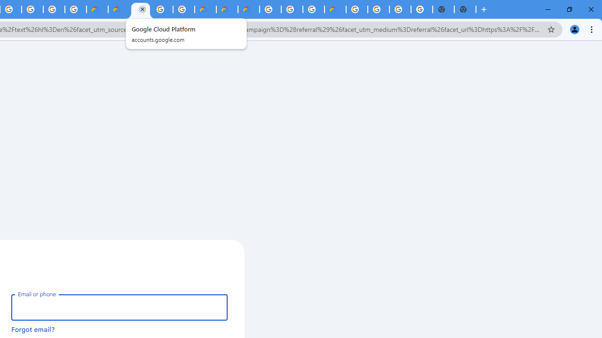 The width and height of the screenshot is (602, 338). Describe the element at coordinates (227, 9) in the screenshot. I see `'Google Cloud Pricing Calculator'` at that location.